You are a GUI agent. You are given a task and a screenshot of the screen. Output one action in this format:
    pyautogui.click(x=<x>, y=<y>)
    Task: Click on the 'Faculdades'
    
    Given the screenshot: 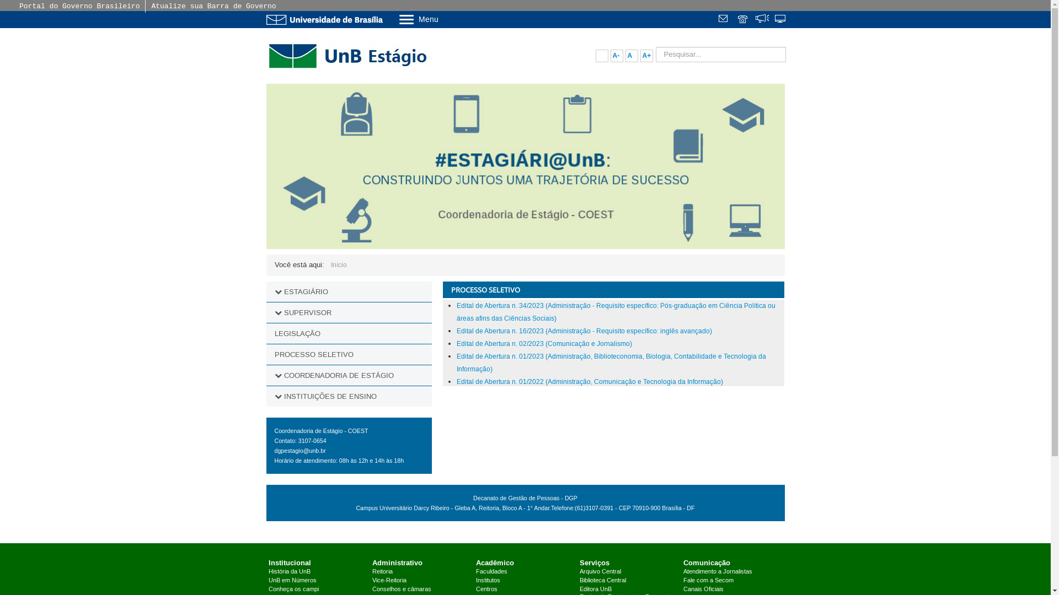 What is the action you would take?
    pyautogui.click(x=491, y=571)
    